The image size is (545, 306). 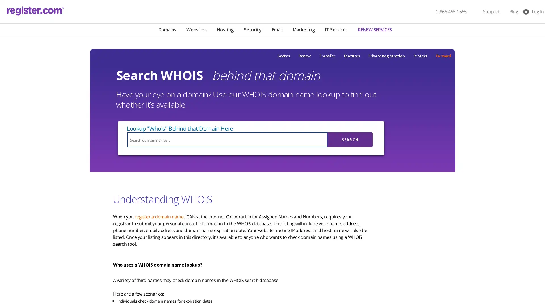 What do you see at coordinates (58, 287) in the screenshot?
I see `Cookies Settings` at bounding box center [58, 287].